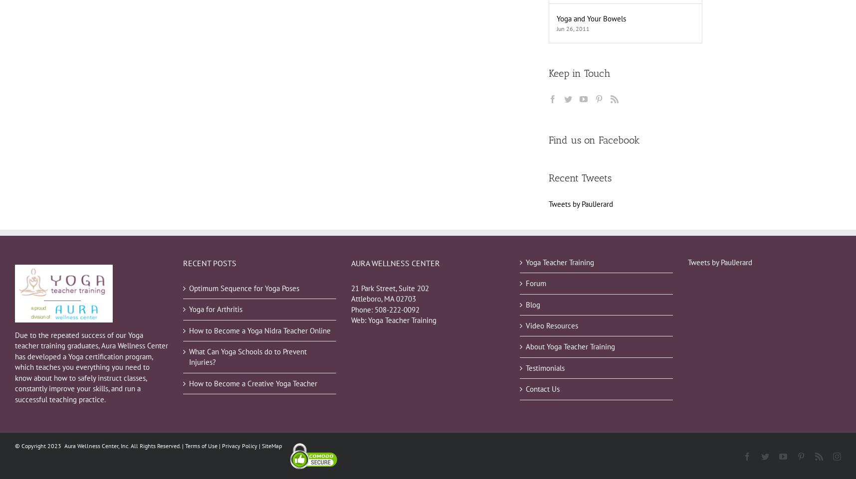 The height and width of the screenshot is (479, 856). What do you see at coordinates (573, 28) in the screenshot?
I see `'Jun 26, 2011'` at bounding box center [573, 28].